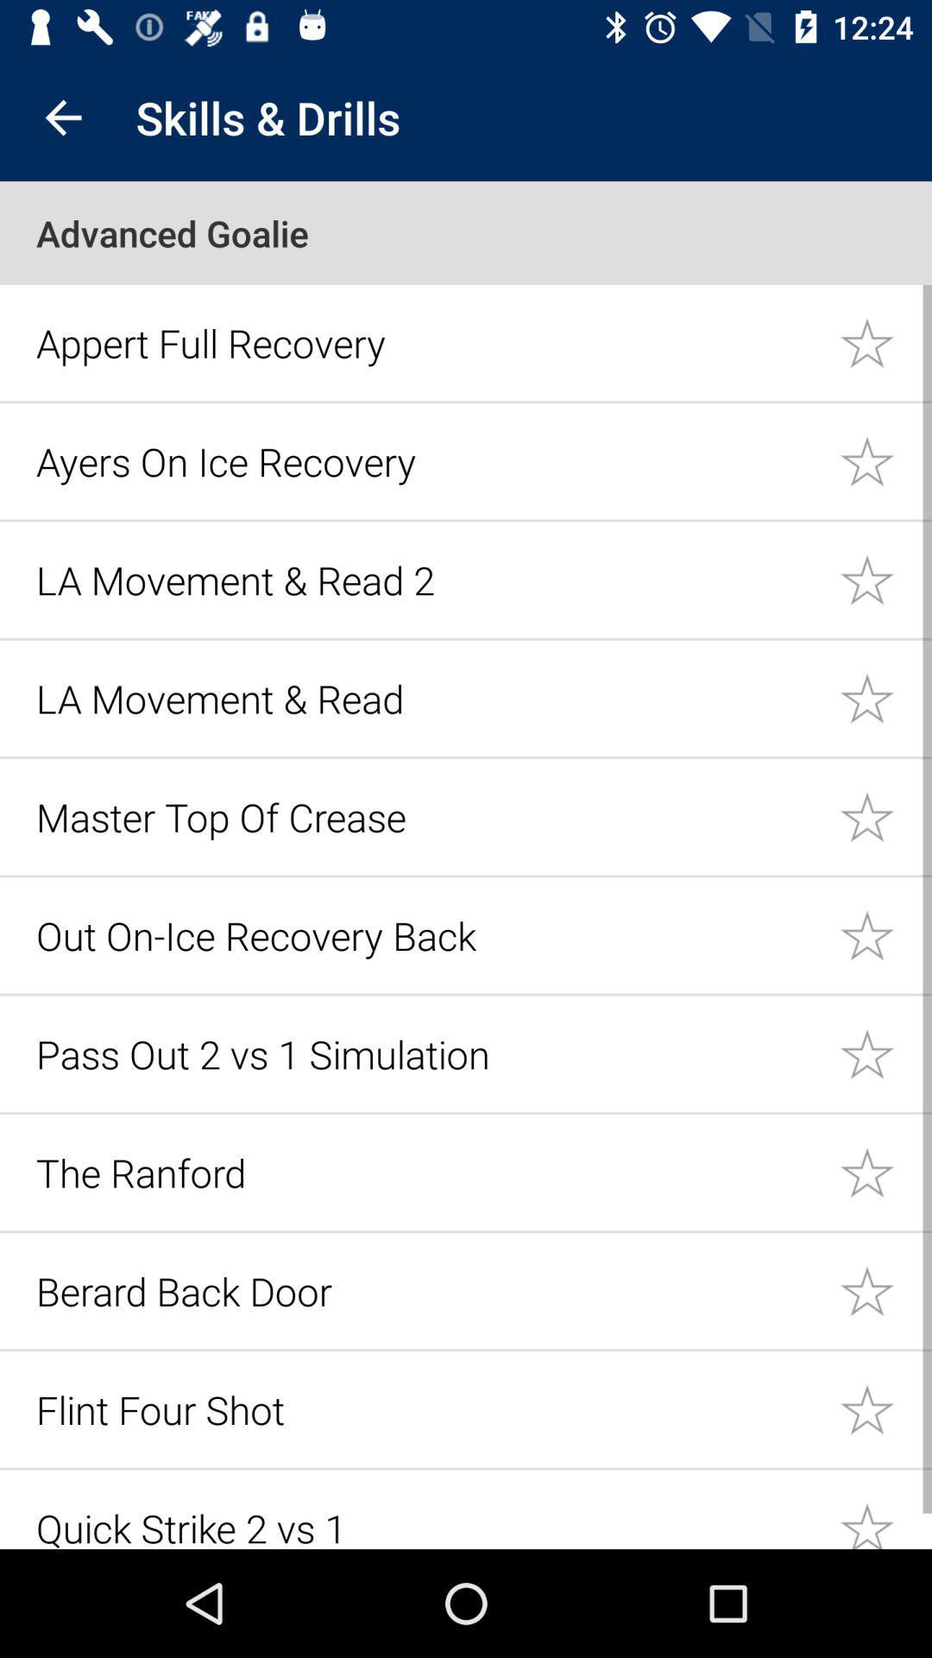 This screenshot has height=1658, width=932. Describe the element at coordinates (885, 1509) in the screenshot. I see `the drill` at that location.